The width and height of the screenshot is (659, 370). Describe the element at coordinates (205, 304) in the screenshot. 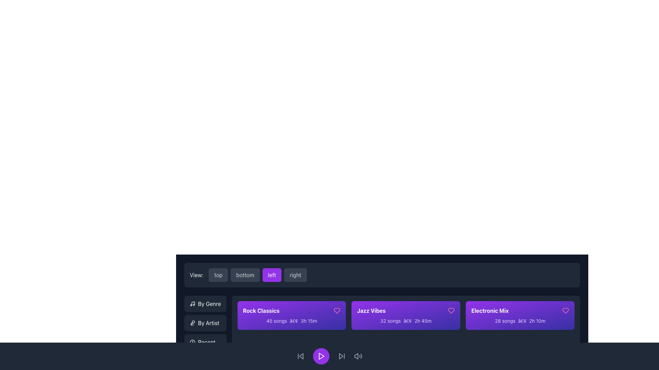

I see `the 'By Genre' button located at the top of a vertical list of three buttons` at that location.